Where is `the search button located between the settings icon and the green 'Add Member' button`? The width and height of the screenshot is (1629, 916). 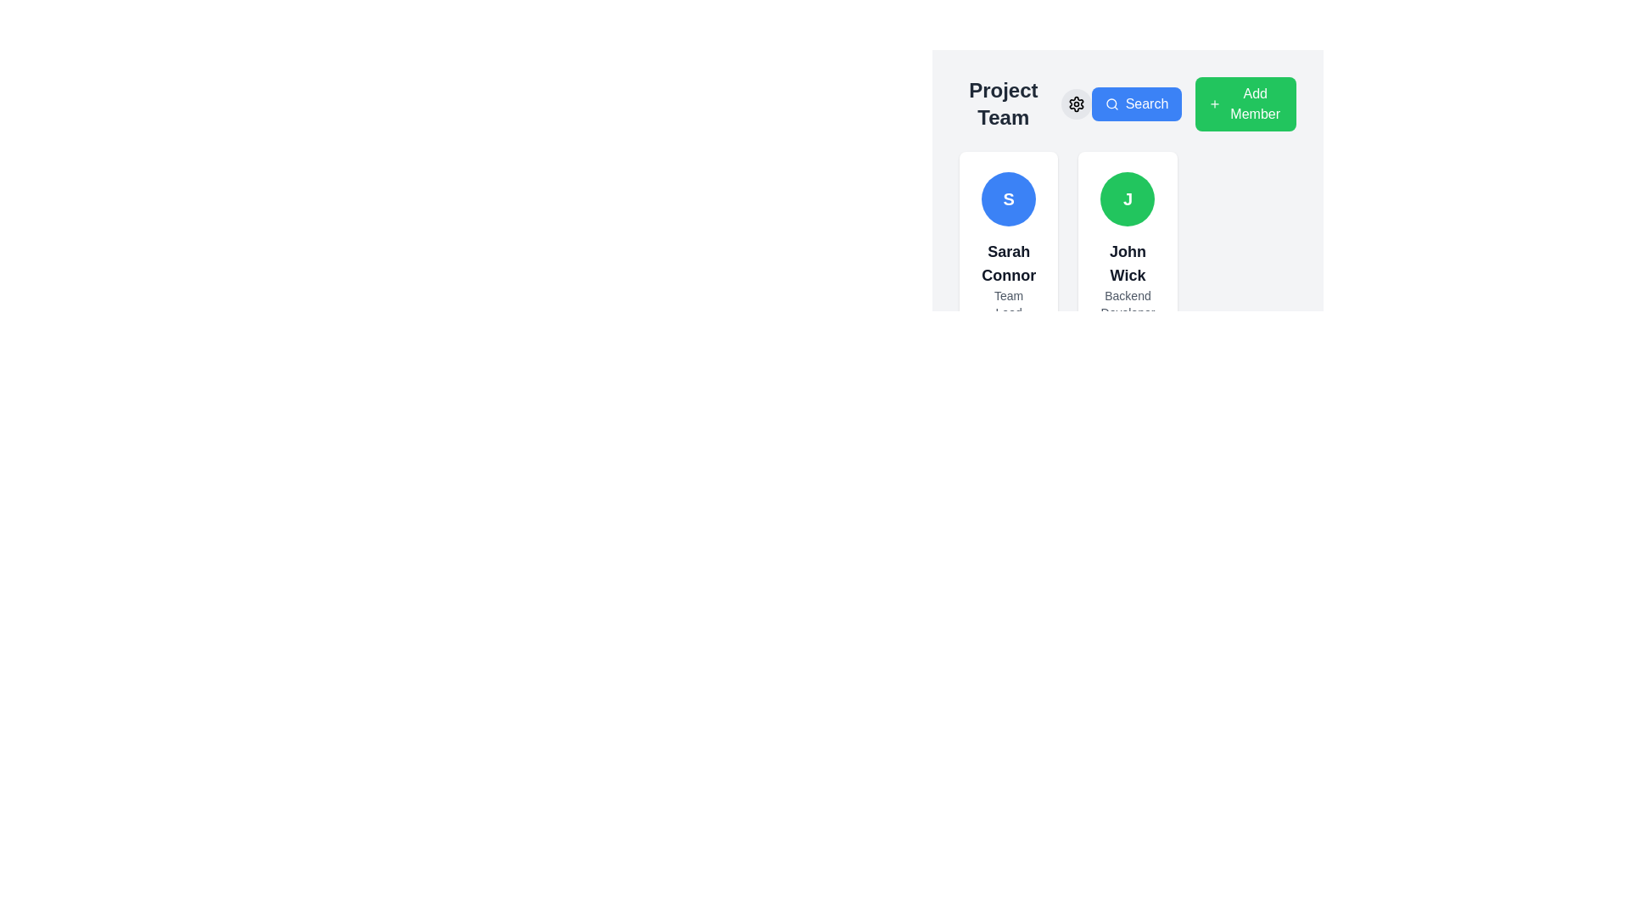
the search button located between the settings icon and the green 'Add Member' button is located at coordinates (1128, 104).